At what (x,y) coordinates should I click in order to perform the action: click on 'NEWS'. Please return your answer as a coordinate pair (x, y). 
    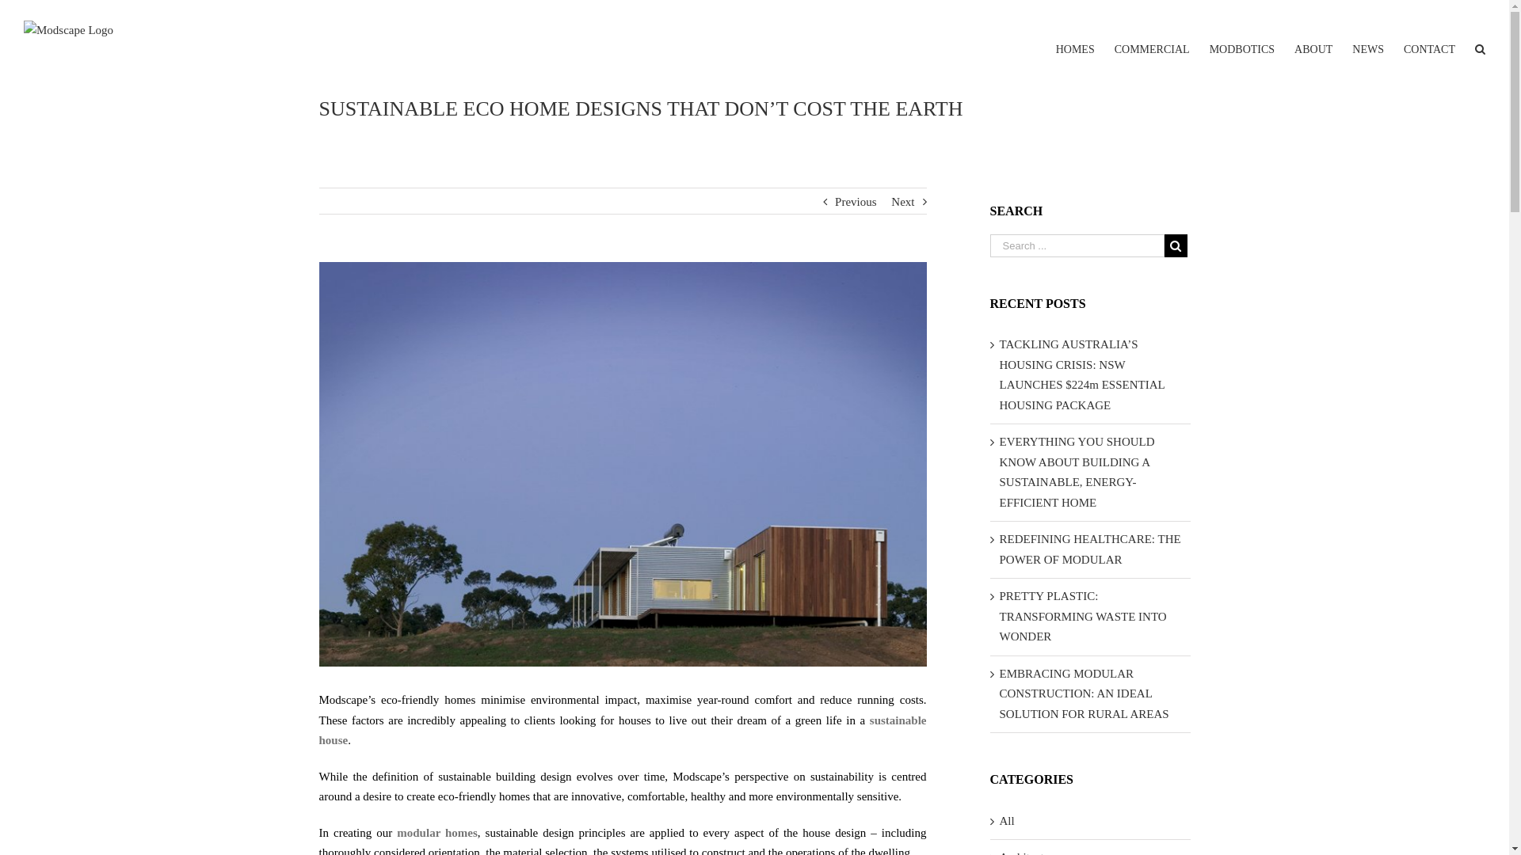
    Looking at the image, I should click on (1367, 36).